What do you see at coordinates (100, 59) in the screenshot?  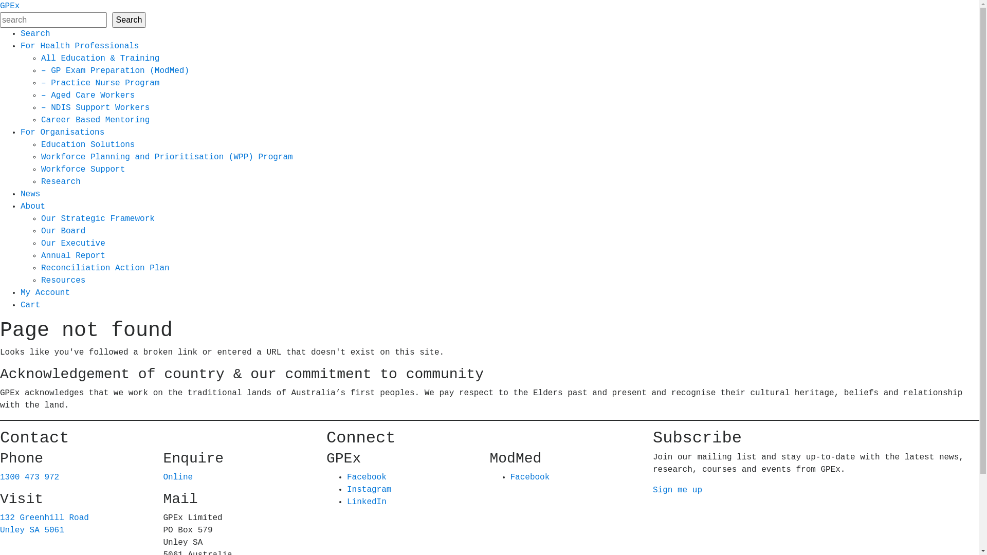 I see `'All Education & Training'` at bounding box center [100, 59].